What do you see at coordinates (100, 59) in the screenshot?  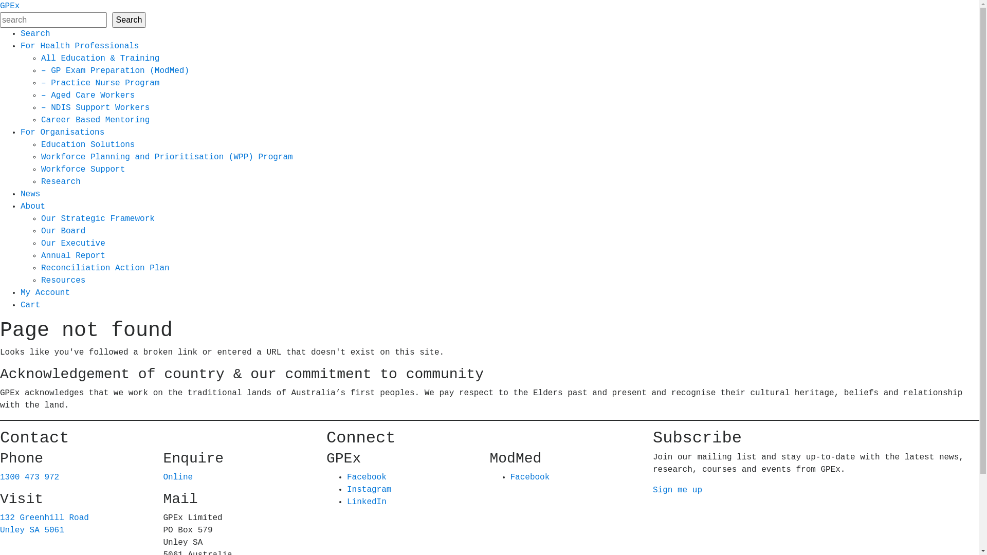 I see `'All Education & Training'` at bounding box center [100, 59].